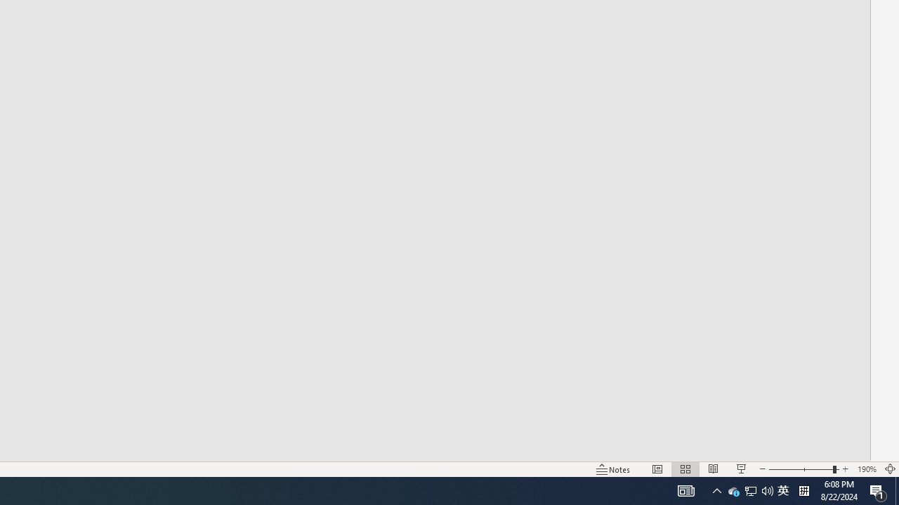 The image size is (899, 505). What do you see at coordinates (657, 469) in the screenshot?
I see `'Normal'` at bounding box center [657, 469].